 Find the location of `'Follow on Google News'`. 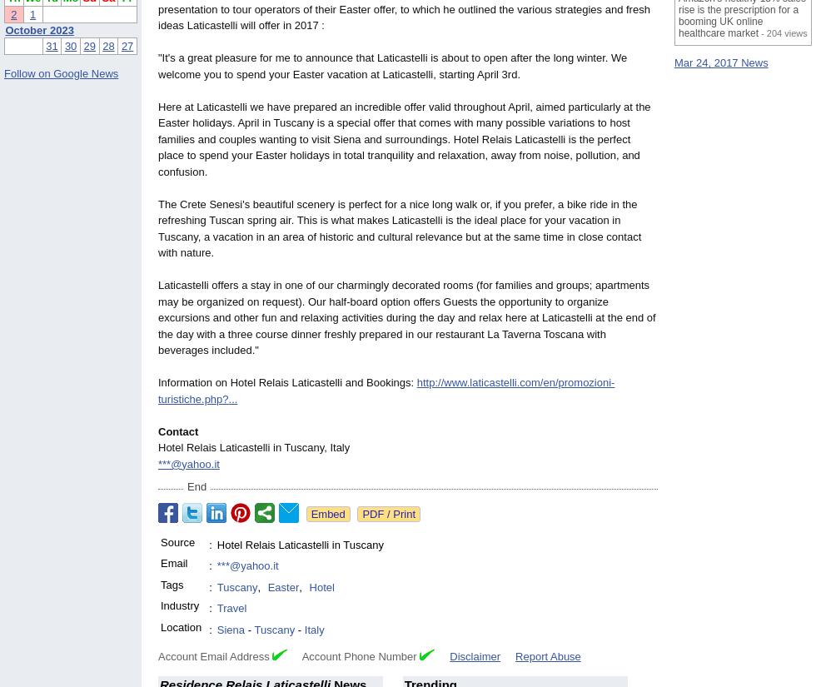

'Follow on Google News' is located at coordinates (61, 72).